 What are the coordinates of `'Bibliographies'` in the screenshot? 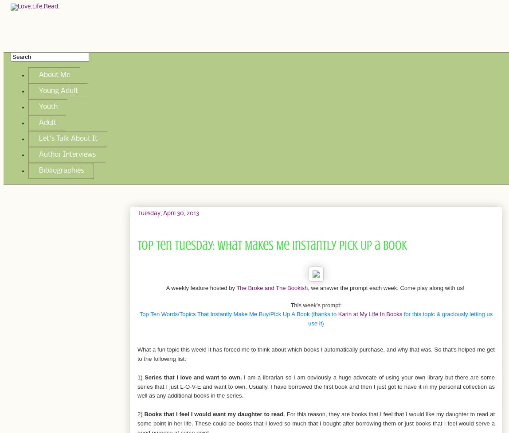 It's located at (61, 170).